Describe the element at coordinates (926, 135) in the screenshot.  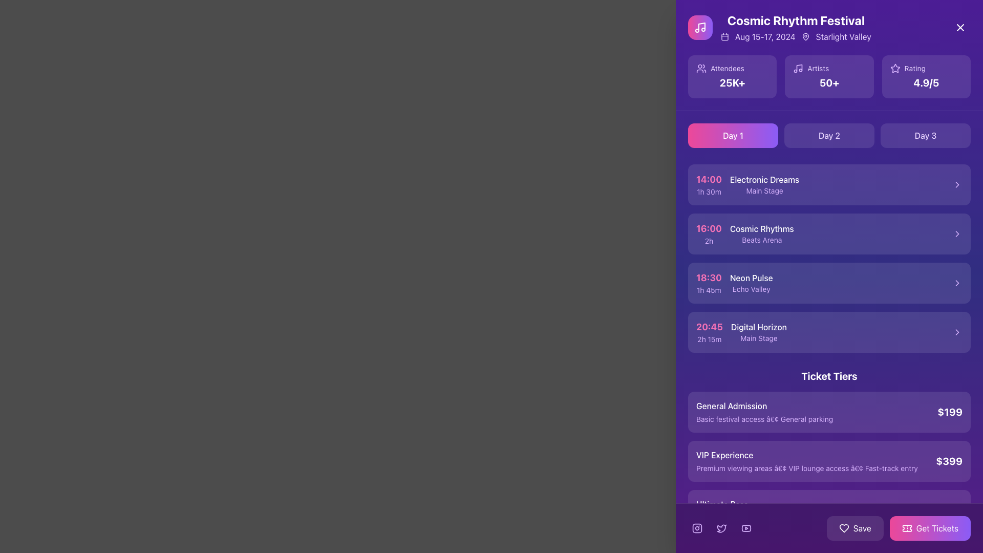
I see `the 'Day 3' button, which is the third button in a row of three buttons used for navigating a multi-day event interface, to change its background color` at that location.